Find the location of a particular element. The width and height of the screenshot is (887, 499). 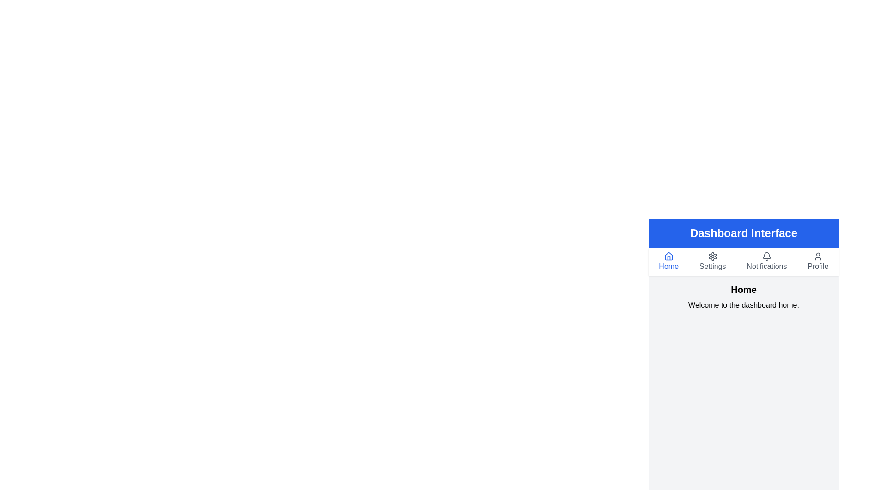

the notifications label located on the navigation bar, which is positioned between the 'Settings' and 'Profile' sections and directly below the bell icon is located at coordinates (766, 267).